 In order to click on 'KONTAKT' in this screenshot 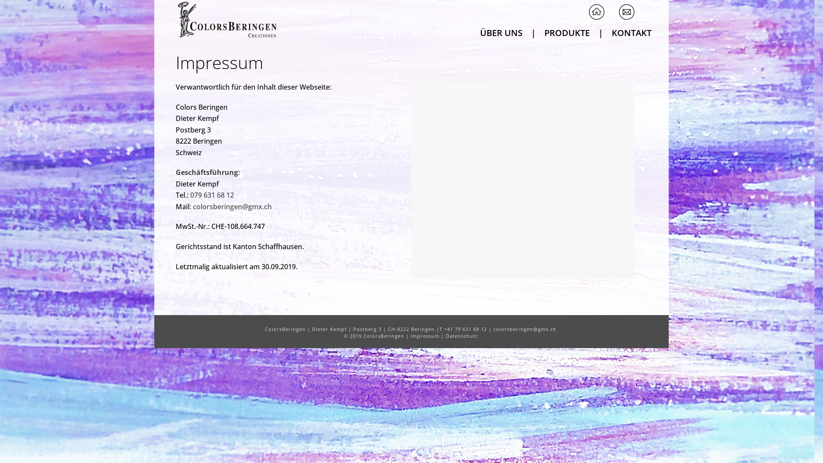, I will do `click(631, 31)`.